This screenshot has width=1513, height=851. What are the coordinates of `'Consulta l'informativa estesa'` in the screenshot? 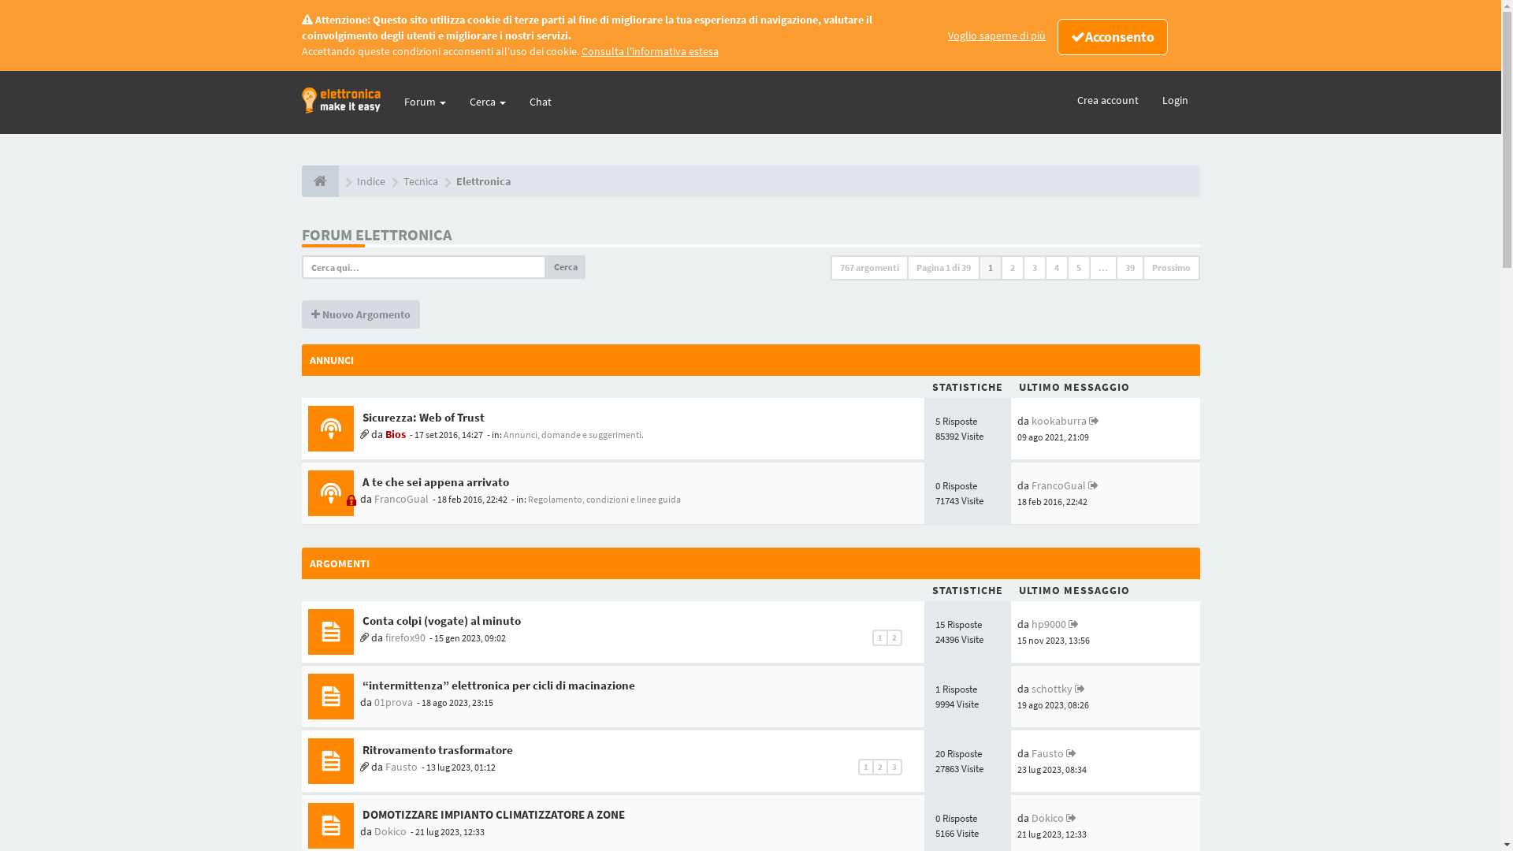 It's located at (650, 50).